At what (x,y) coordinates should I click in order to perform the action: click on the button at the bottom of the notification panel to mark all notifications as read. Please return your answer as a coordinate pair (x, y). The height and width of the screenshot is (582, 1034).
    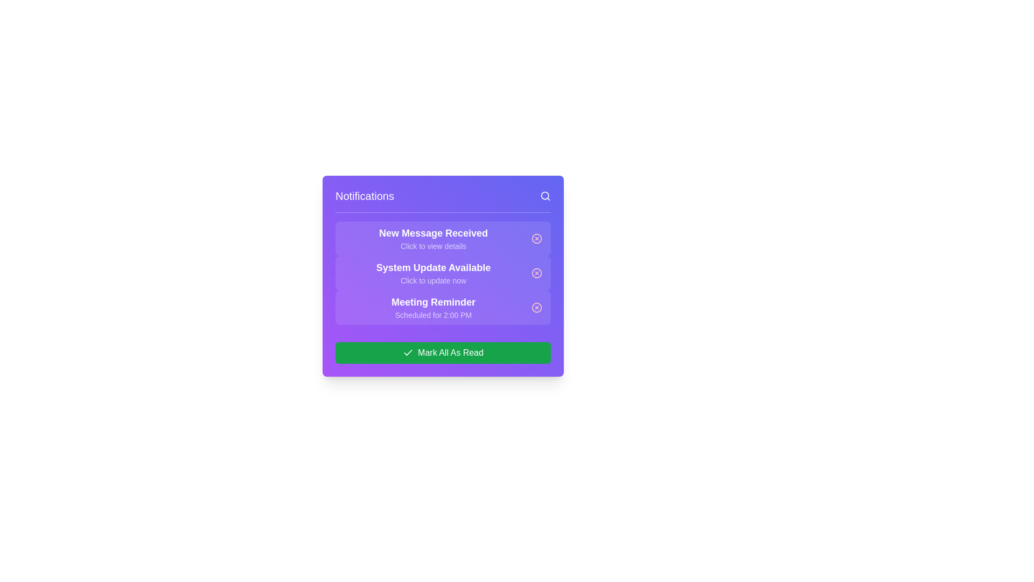
    Looking at the image, I should click on (443, 353).